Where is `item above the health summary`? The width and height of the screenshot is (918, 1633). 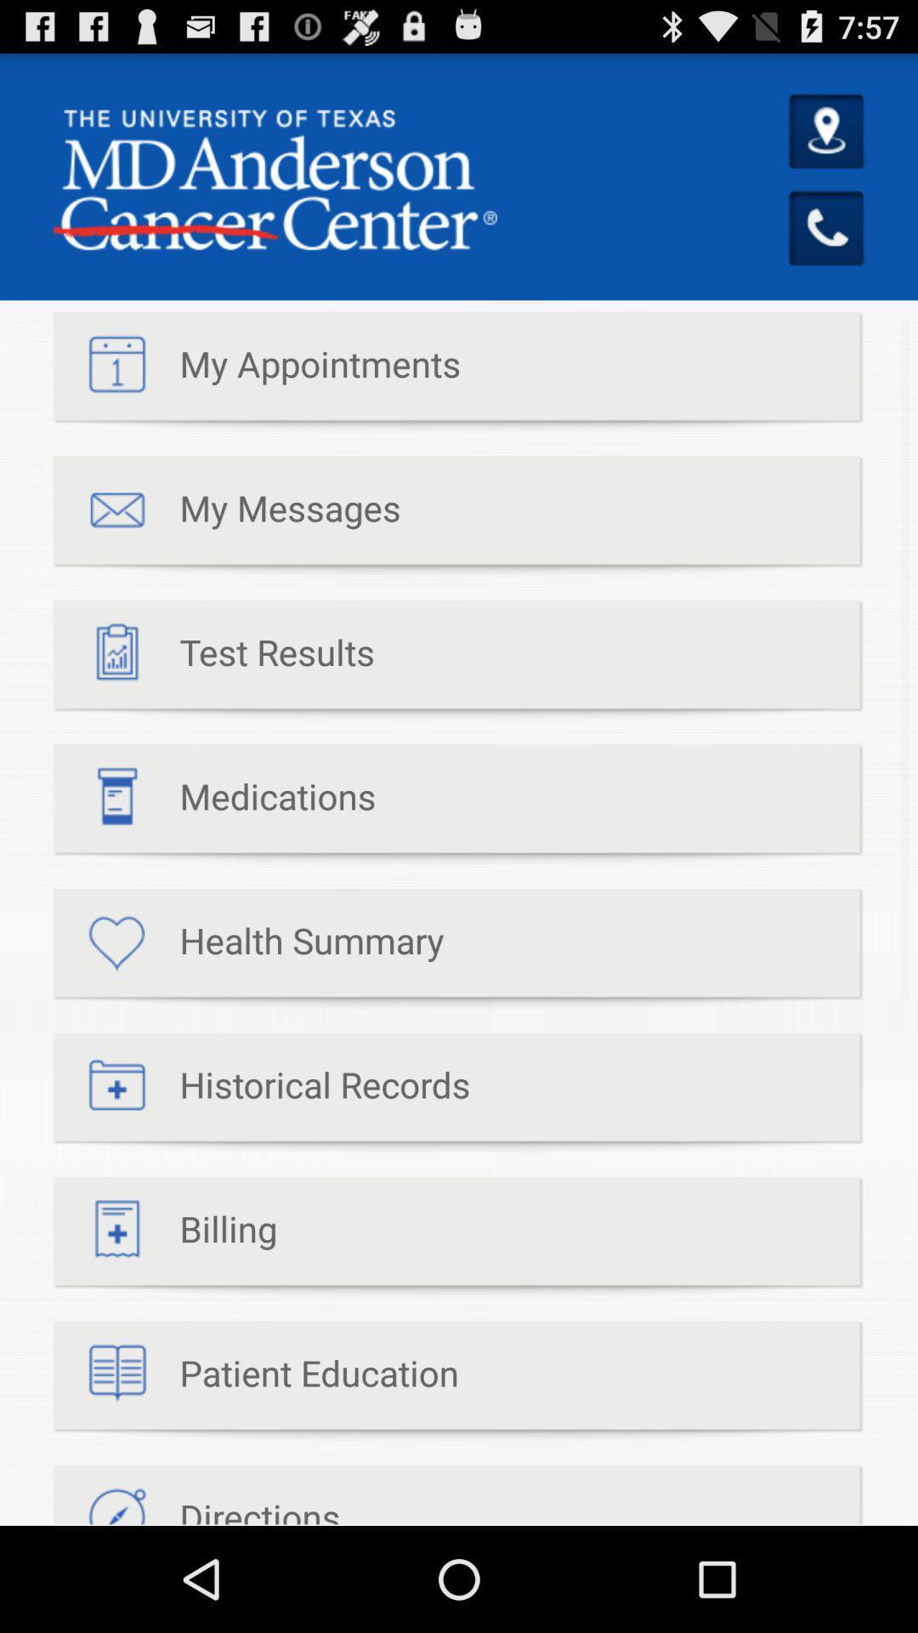
item above the health summary is located at coordinates (213, 804).